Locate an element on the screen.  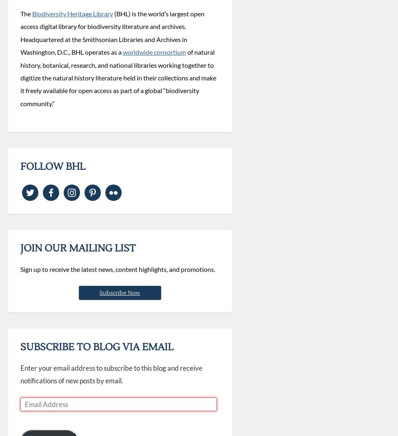
'Subscribe Now' is located at coordinates (119, 292).